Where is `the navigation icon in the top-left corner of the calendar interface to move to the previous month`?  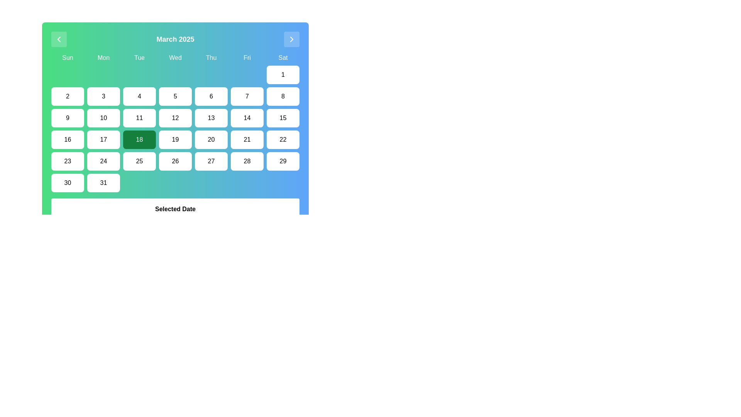
the navigation icon in the top-left corner of the calendar interface to move to the previous month is located at coordinates (59, 39).